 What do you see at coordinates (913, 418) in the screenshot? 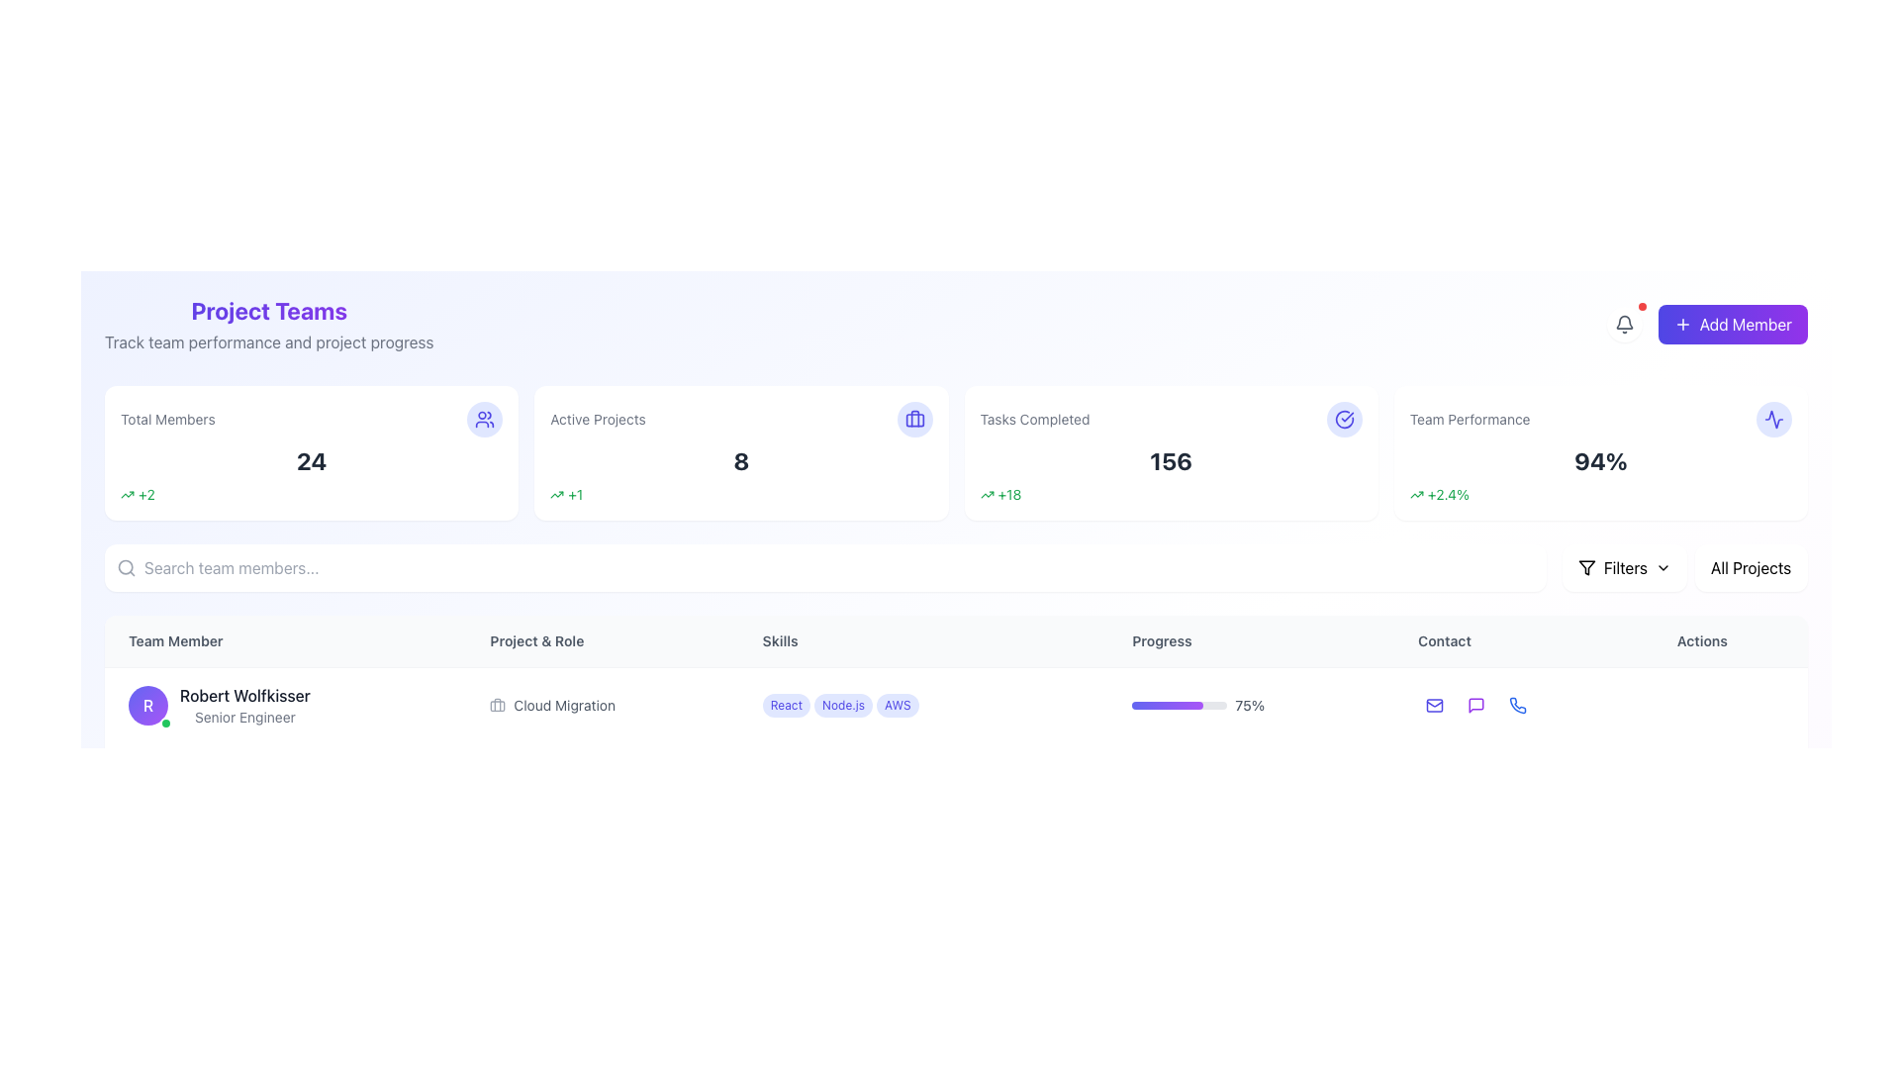
I see `the graphical element that is part of the 'Active Projects' icon, located in the second card from the left in the top row` at bounding box center [913, 418].